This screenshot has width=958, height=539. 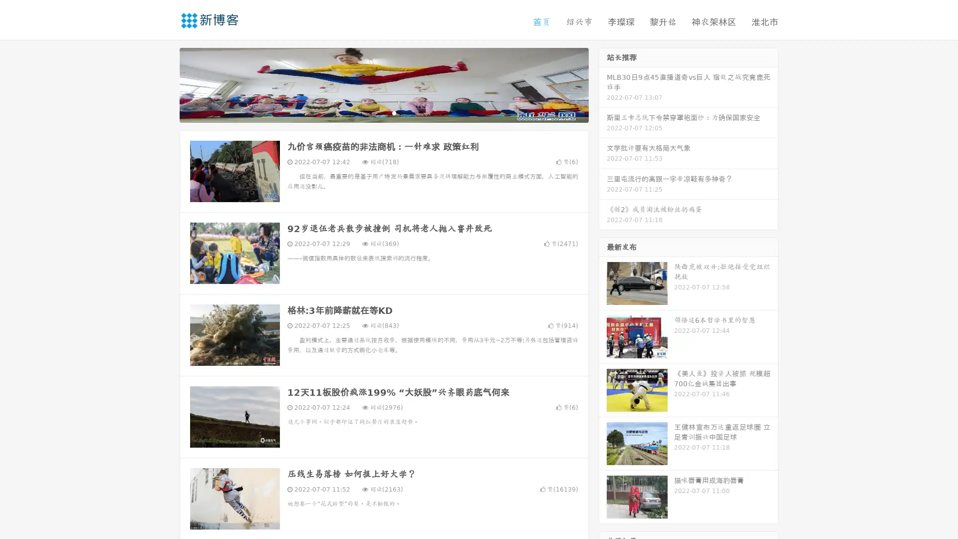 I want to click on Go to slide 3, so click(x=394, y=112).